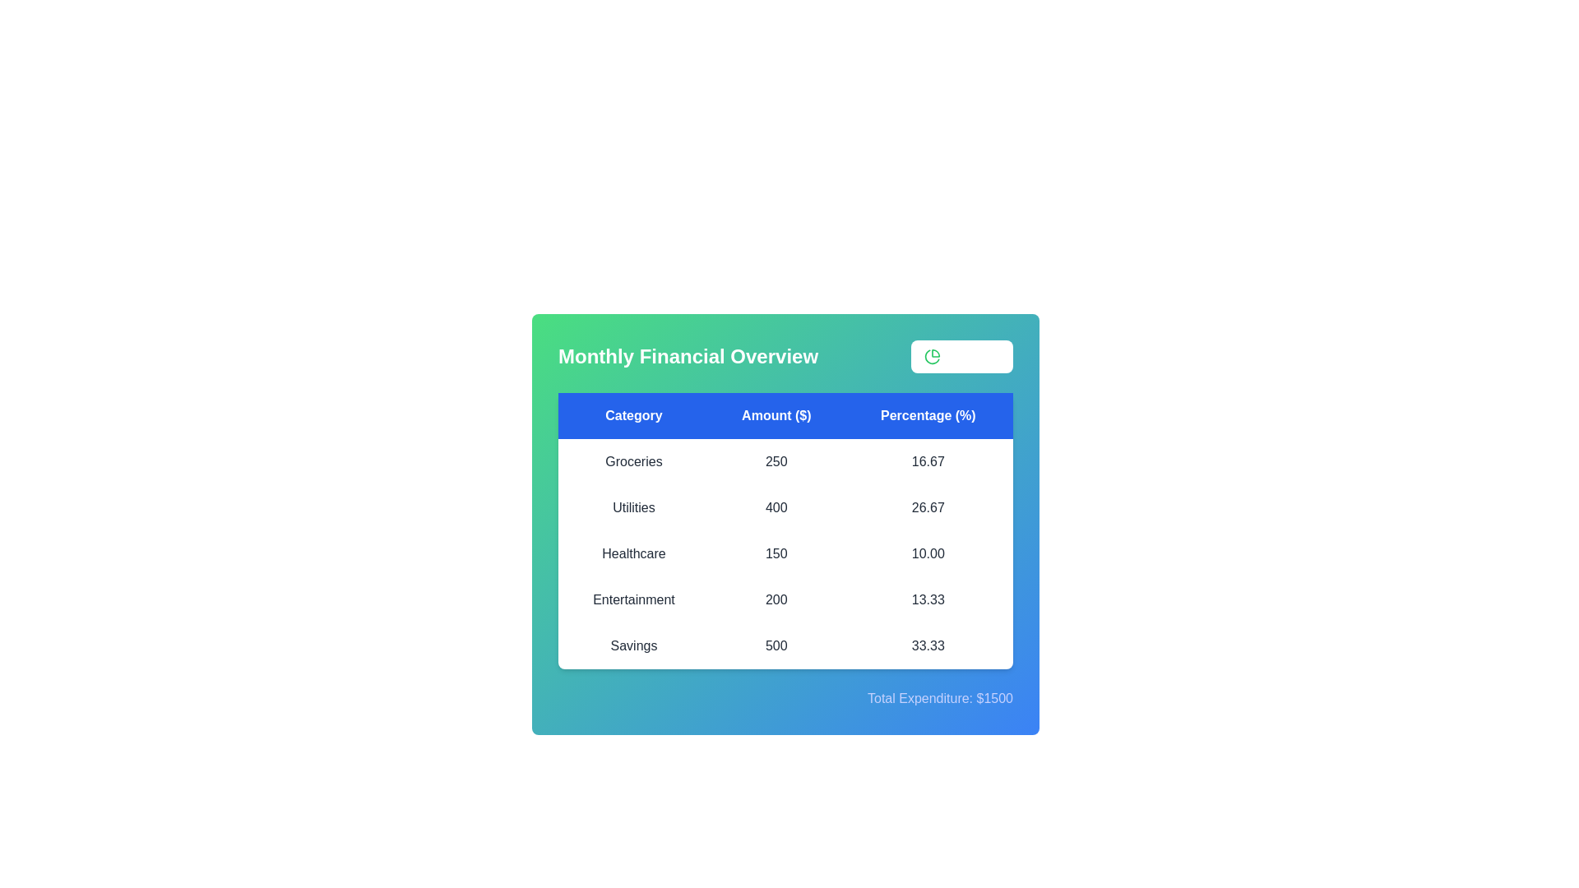  What do you see at coordinates (785, 599) in the screenshot?
I see `the table row corresponding to Entertainment` at bounding box center [785, 599].